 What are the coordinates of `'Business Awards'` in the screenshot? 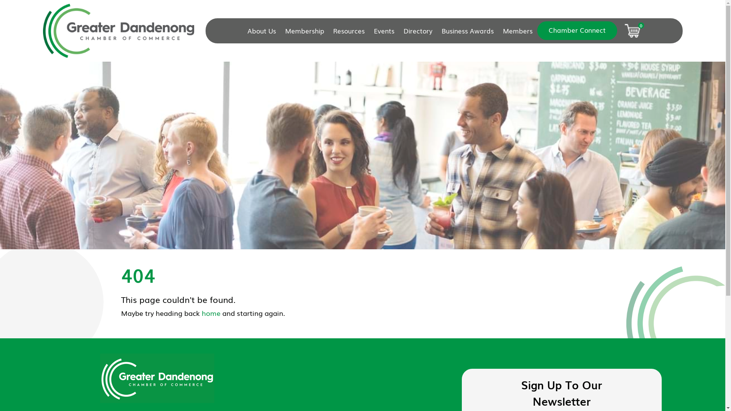 It's located at (467, 30).